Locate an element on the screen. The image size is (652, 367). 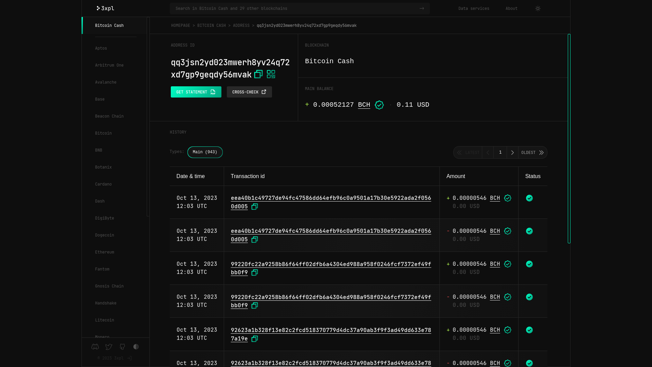
'OLDEST' is located at coordinates (532, 152).